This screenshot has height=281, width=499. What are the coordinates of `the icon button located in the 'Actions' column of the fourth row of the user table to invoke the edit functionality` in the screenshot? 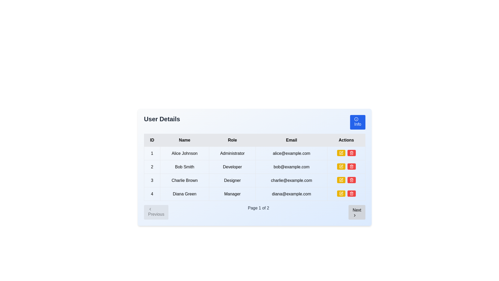 It's located at (341, 194).